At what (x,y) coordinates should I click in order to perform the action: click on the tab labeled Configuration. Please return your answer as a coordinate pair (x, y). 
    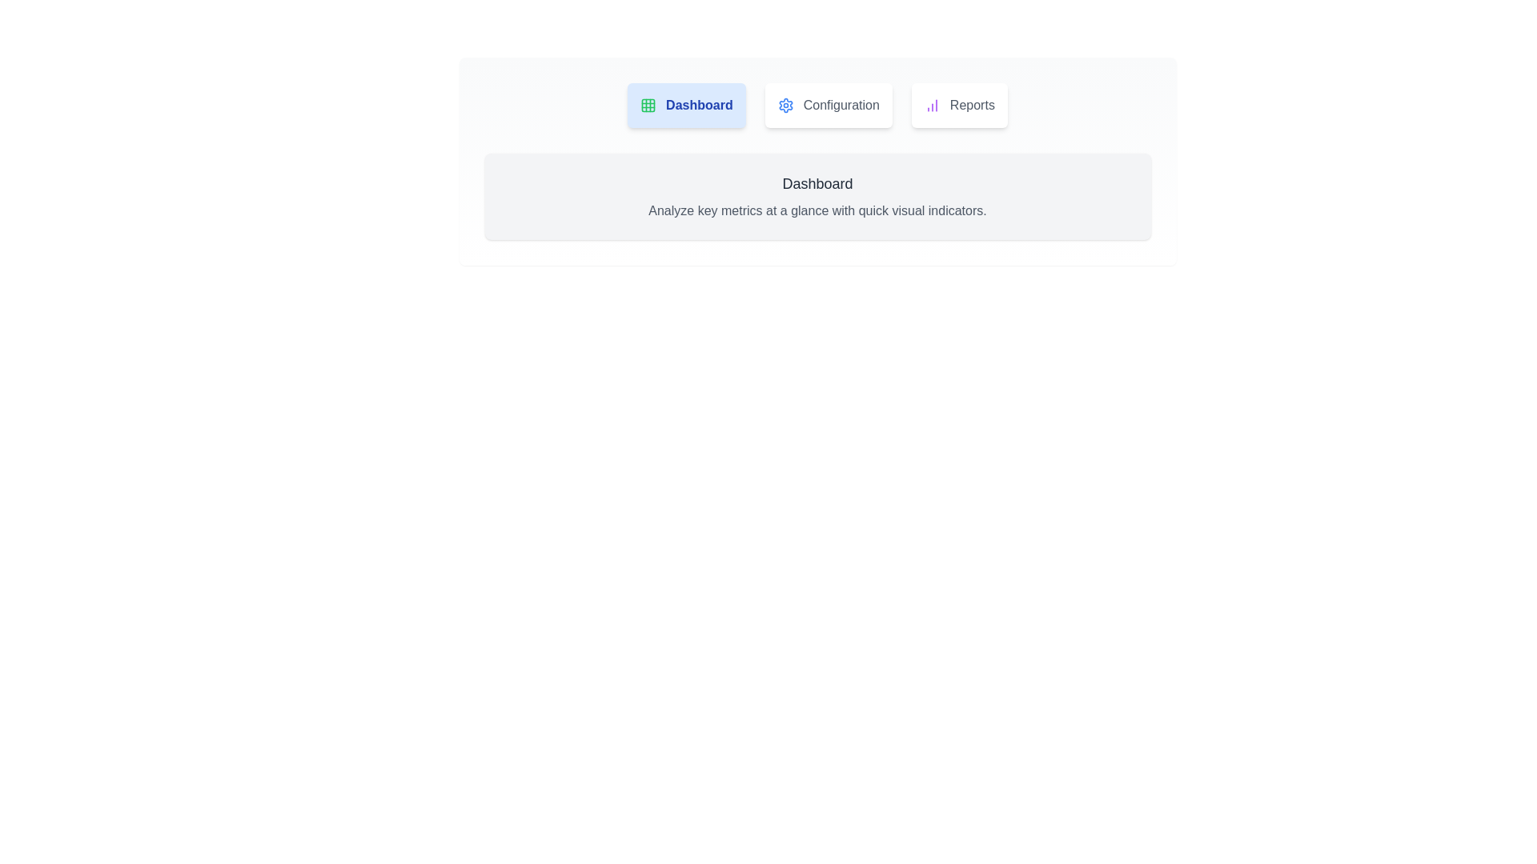
    Looking at the image, I should click on (829, 105).